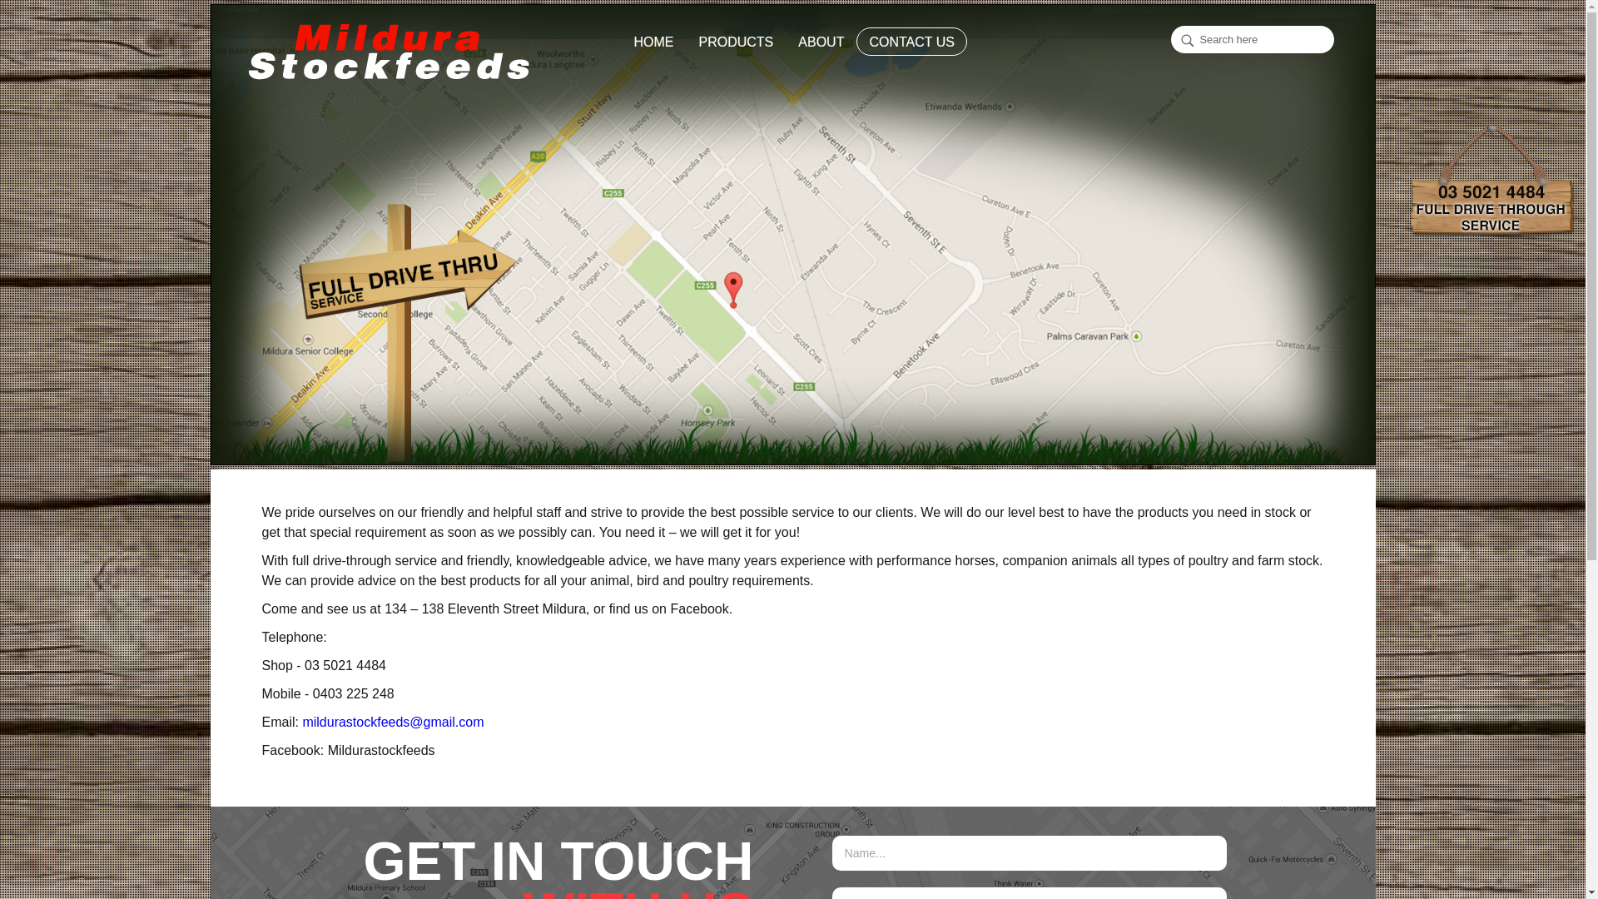 This screenshot has width=1598, height=899. I want to click on 'mildurastockfeeds@gmail.com', so click(391, 721).